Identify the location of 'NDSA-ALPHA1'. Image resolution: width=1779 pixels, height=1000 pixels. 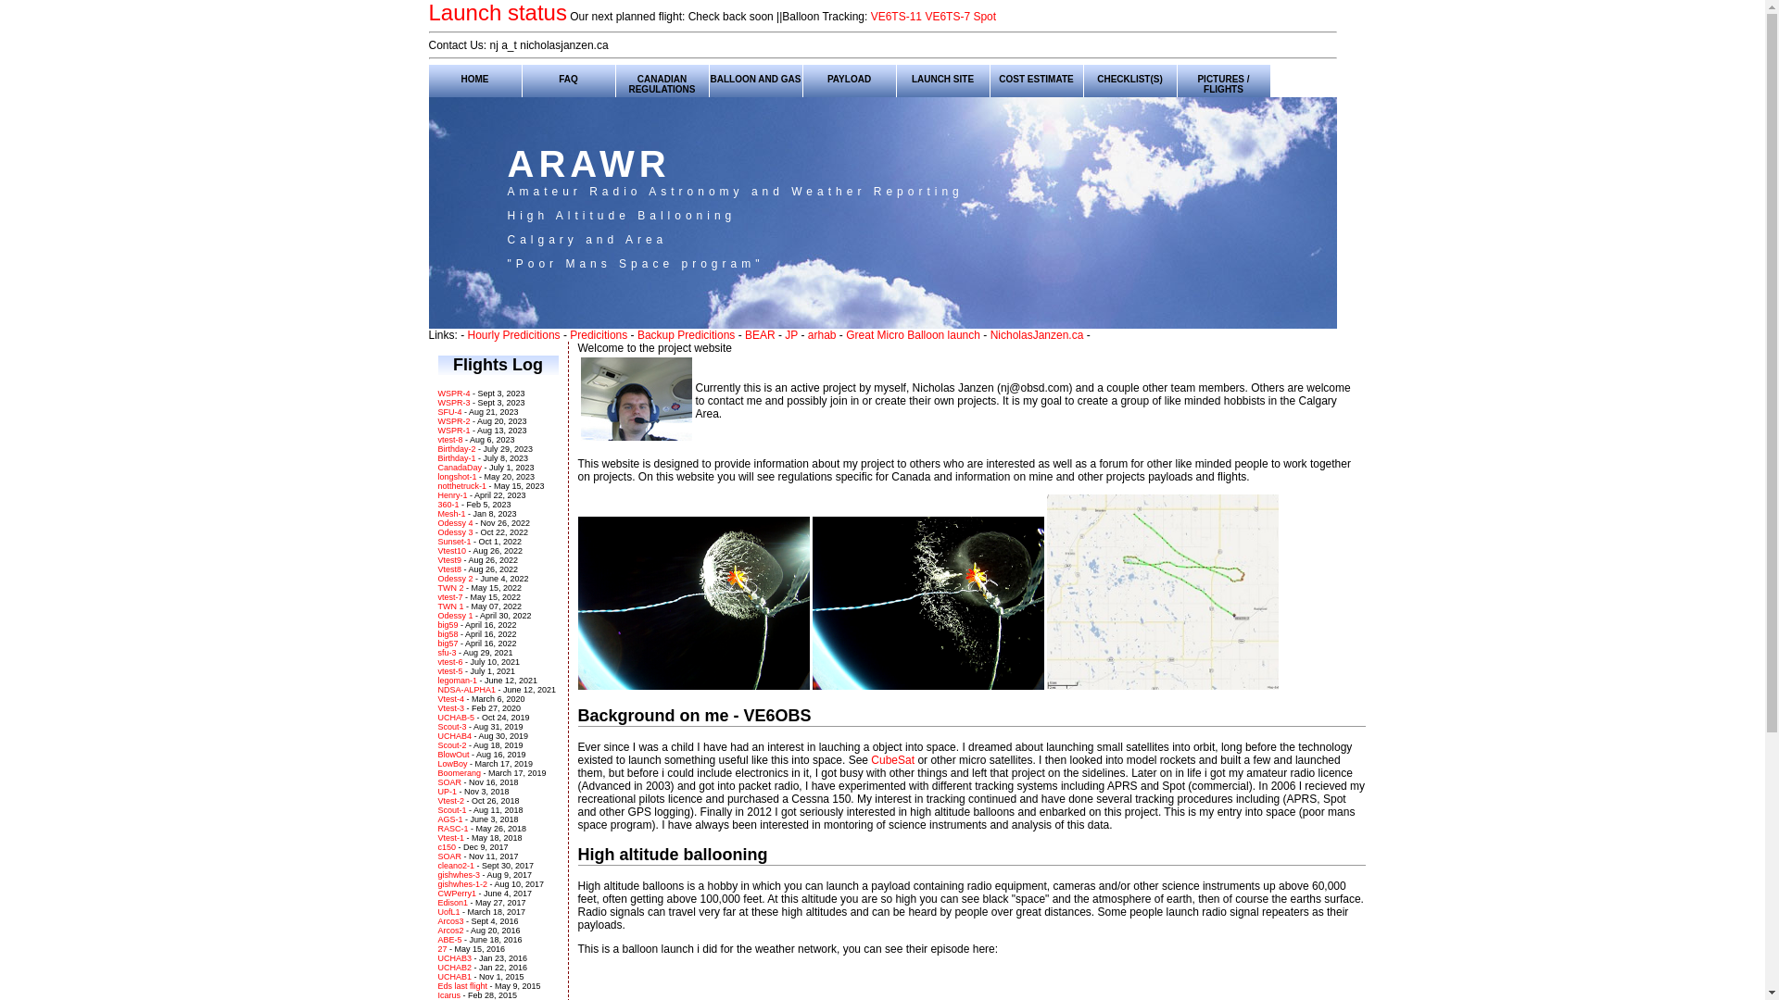
(435, 689).